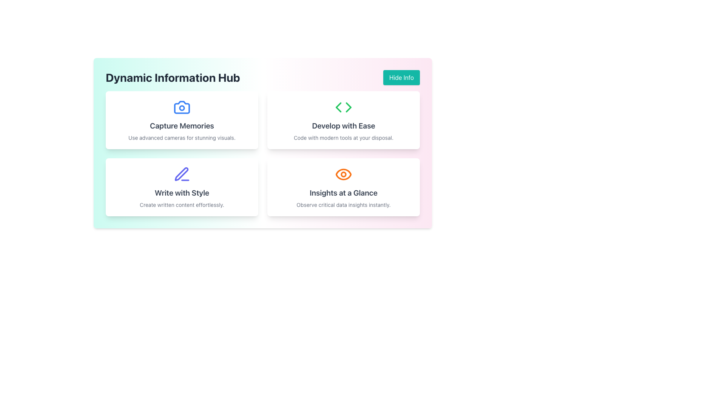 This screenshot has height=407, width=725. What do you see at coordinates (343, 187) in the screenshot?
I see `the rectangular card with a white background and rounded corners, featuring an orange eye icon and the text 'Insights at a Glance'` at bounding box center [343, 187].